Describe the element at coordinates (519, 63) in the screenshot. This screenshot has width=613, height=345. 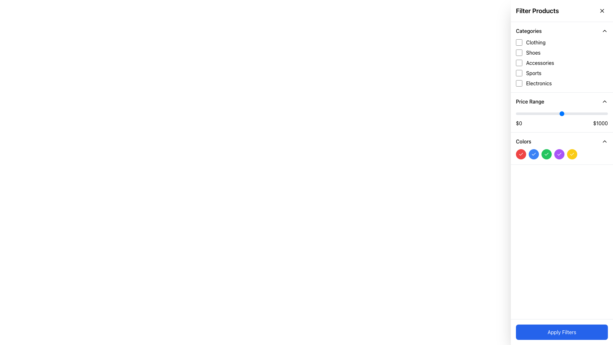
I see `the 'Accessories' checkbox located in the 'Categories' section of the filter panel to filter products by this category` at that location.